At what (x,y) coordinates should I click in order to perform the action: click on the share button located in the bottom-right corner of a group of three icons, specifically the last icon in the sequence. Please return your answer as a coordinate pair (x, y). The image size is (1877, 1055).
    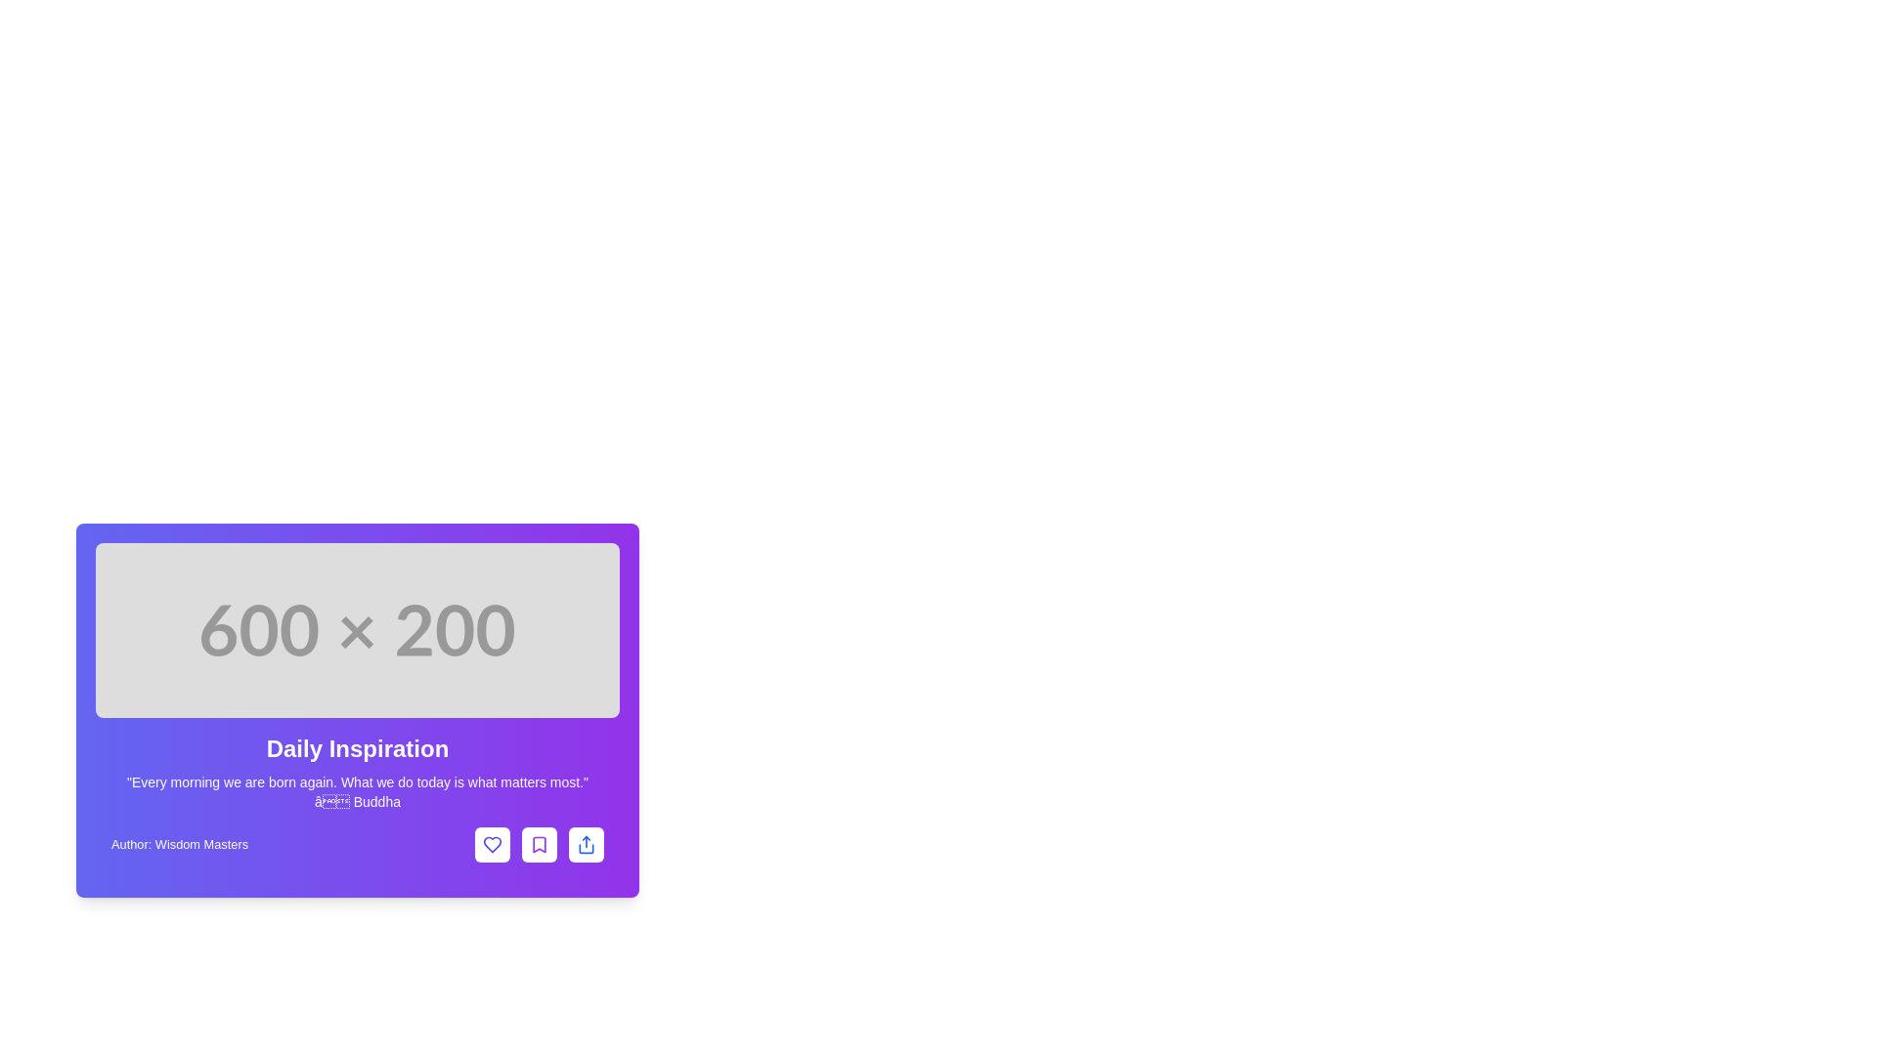
    Looking at the image, I should click on (586, 843).